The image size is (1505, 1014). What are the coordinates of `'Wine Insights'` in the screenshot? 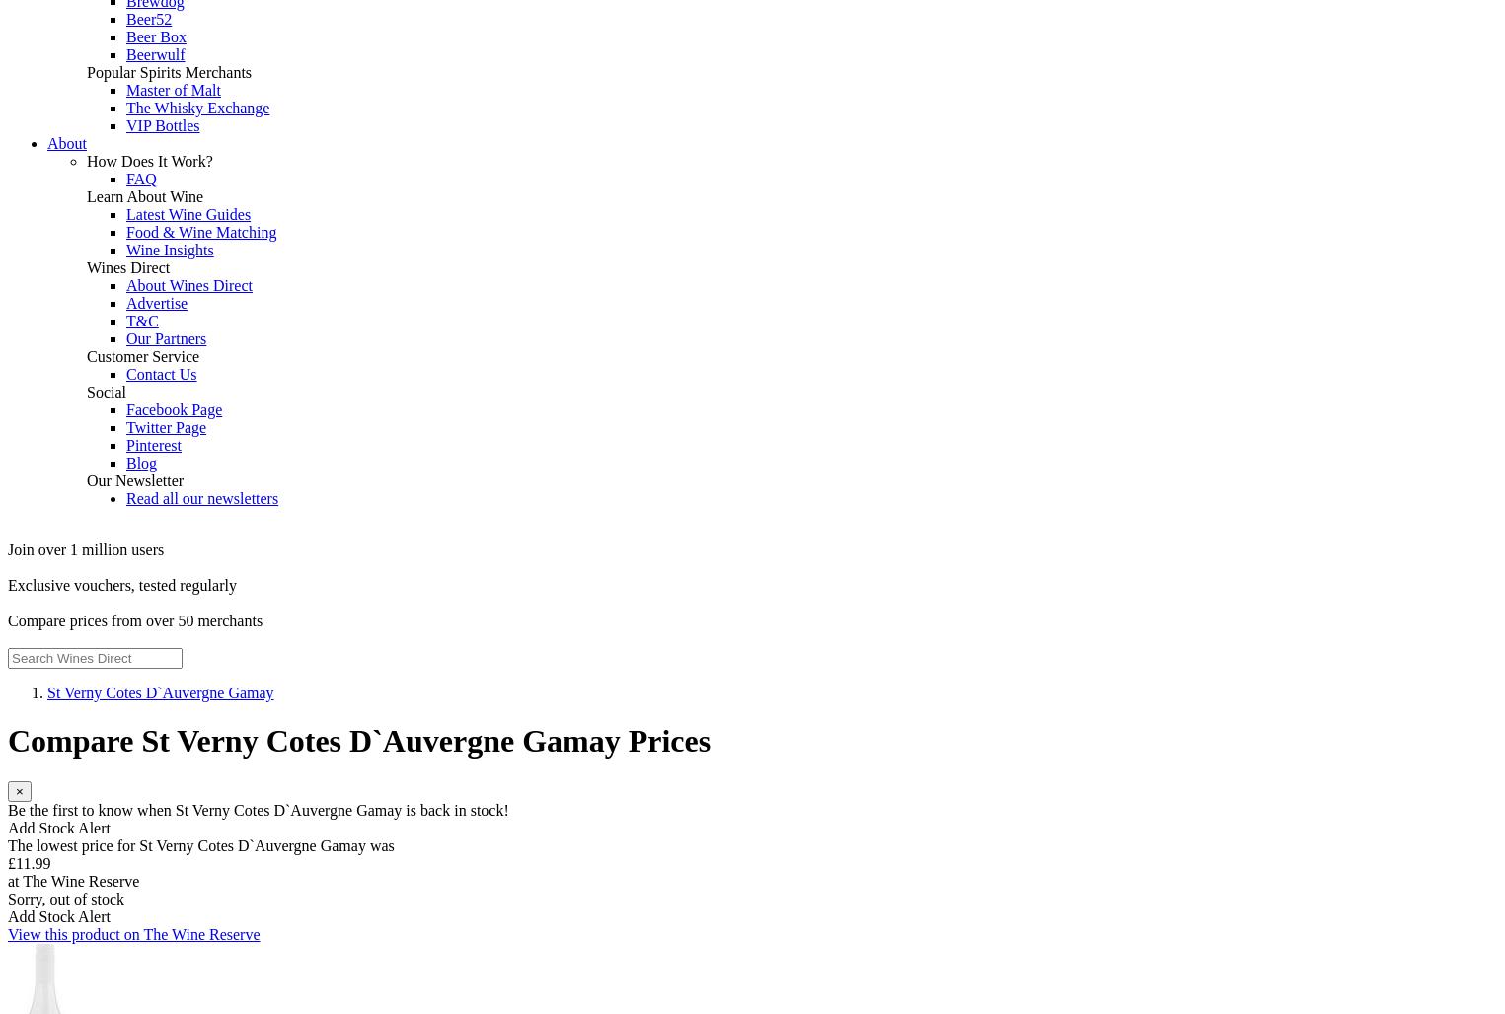 It's located at (124, 249).